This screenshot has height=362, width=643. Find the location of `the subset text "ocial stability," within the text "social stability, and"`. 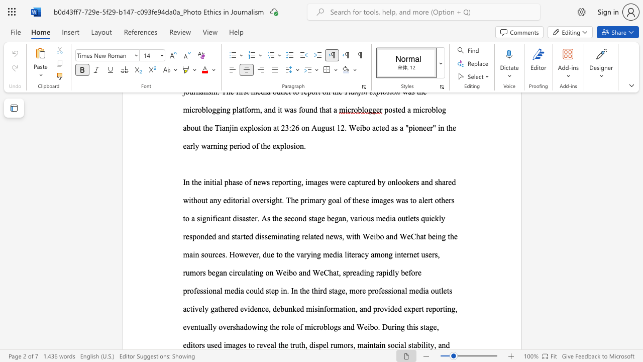

the subset text "ocial stability," within the text "social stability, and" is located at coordinates (390, 344).